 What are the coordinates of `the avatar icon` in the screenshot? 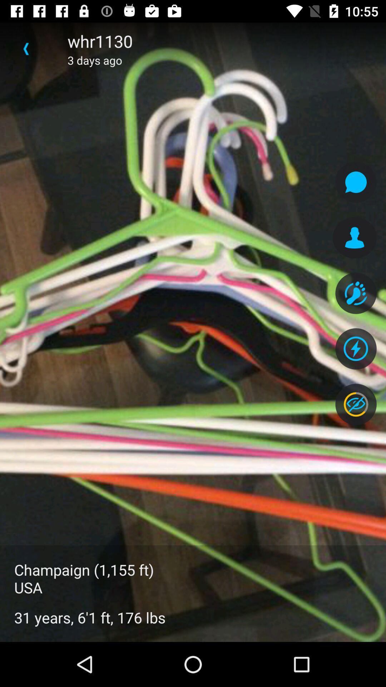 It's located at (355, 238).